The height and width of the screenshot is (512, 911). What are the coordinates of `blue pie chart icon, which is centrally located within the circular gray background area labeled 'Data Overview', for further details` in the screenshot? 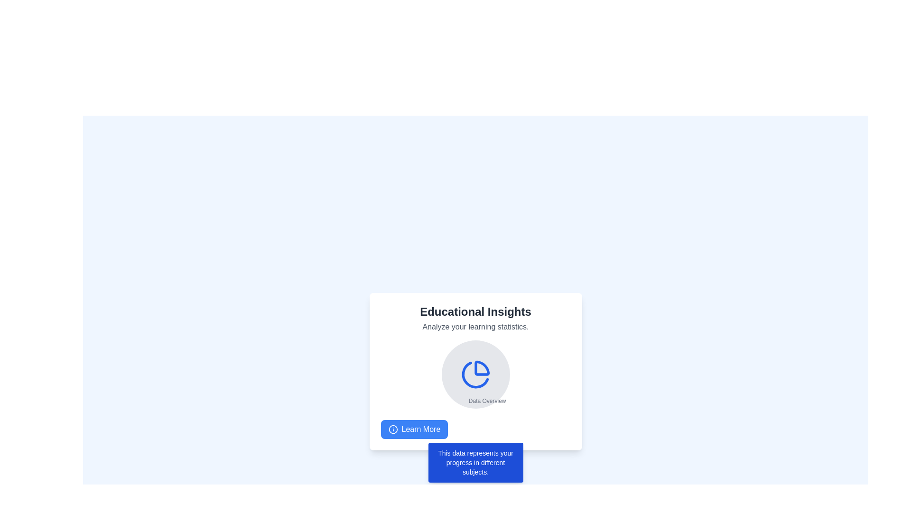 It's located at (475, 374).